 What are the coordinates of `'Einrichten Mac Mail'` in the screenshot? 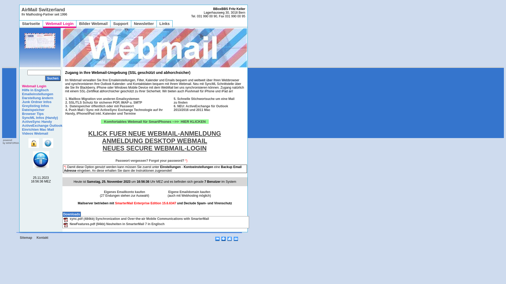 It's located at (19, 129).